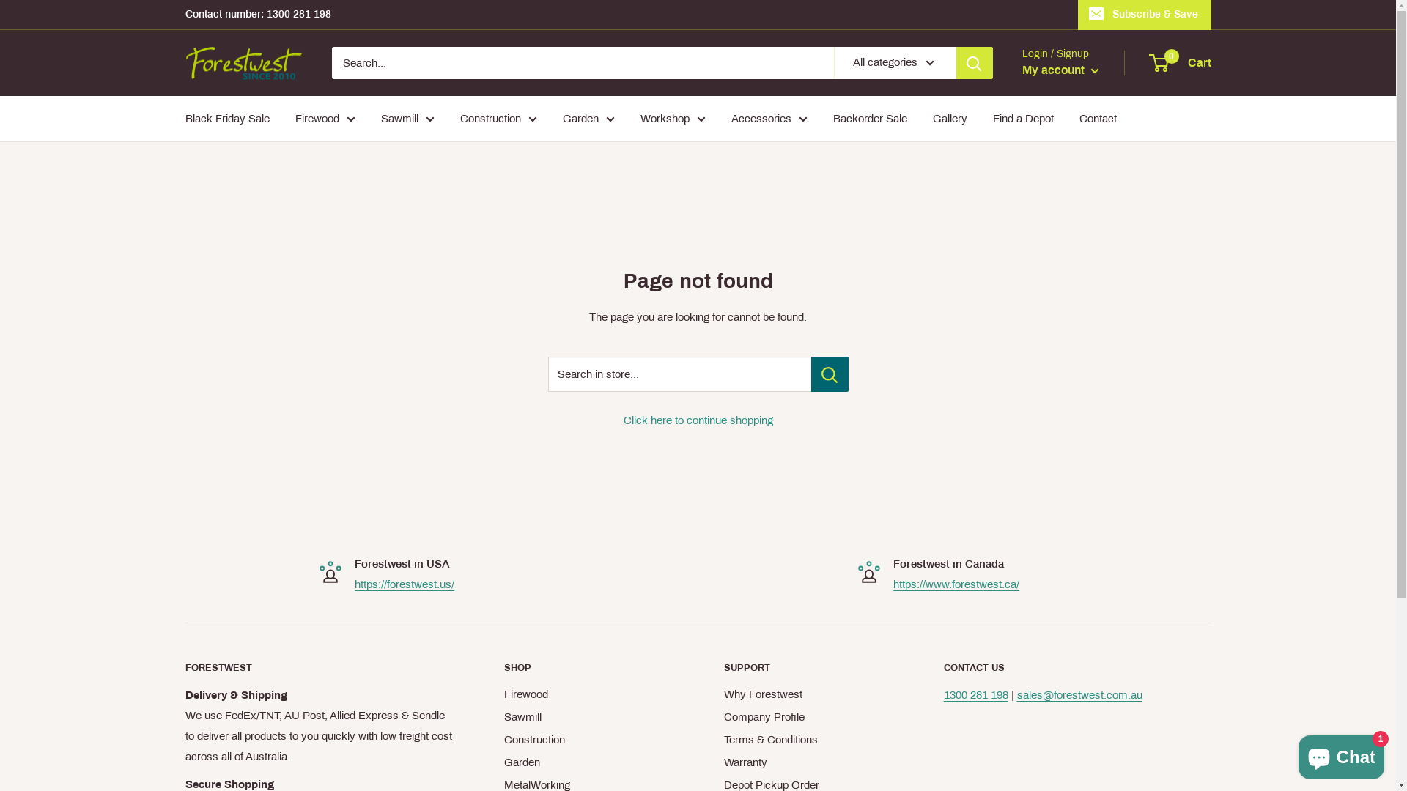 This screenshot has height=791, width=1407. Describe the element at coordinates (975, 694) in the screenshot. I see `'1300 281 198'` at that location.